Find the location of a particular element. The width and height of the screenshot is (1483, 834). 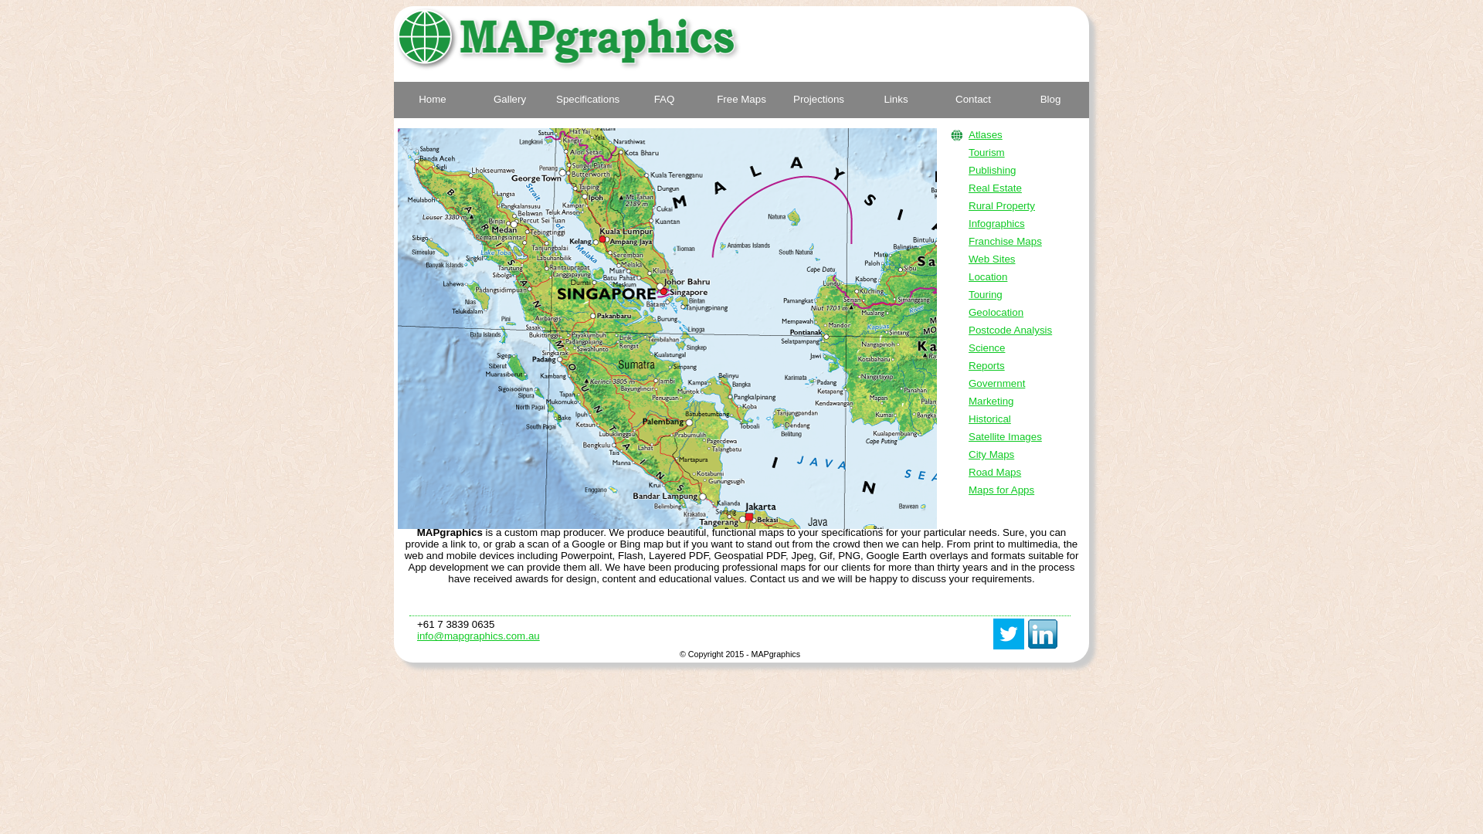

'Contact' is located at coordinates (972, 100).